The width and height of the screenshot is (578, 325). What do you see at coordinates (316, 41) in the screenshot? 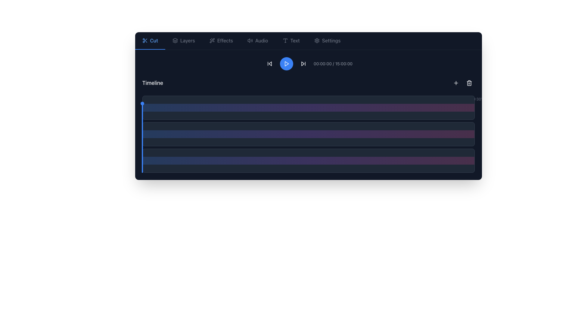
I see `the settings icon located in the rightmost position of the top horizontal navigation bar` at bounding box center [316, 41].